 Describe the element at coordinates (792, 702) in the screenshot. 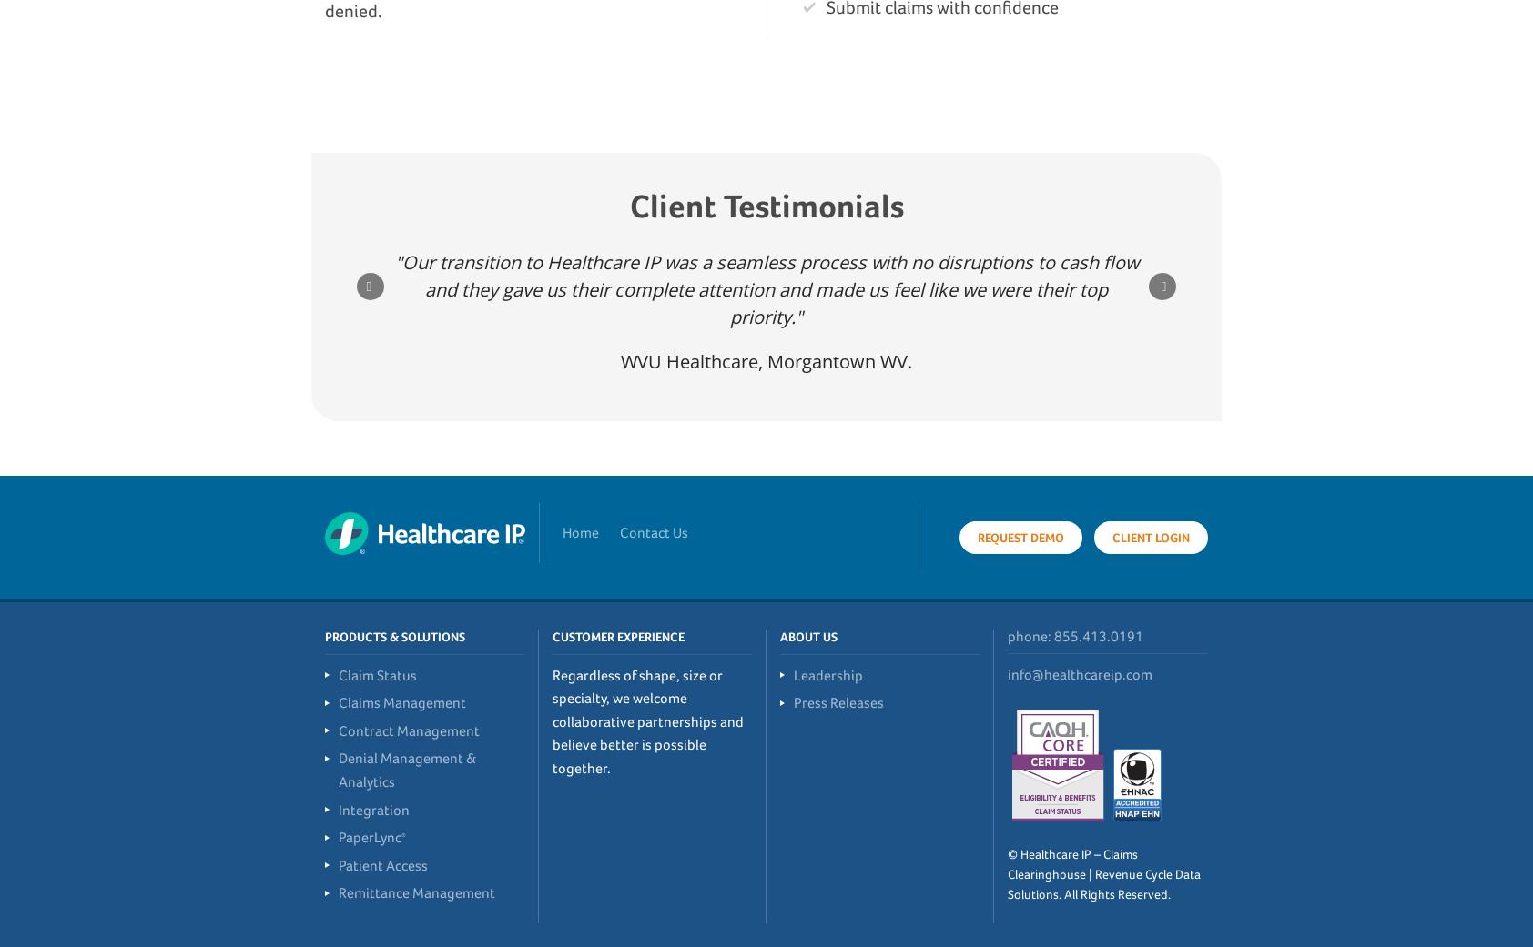

I see `'Press Releases'` at that location.